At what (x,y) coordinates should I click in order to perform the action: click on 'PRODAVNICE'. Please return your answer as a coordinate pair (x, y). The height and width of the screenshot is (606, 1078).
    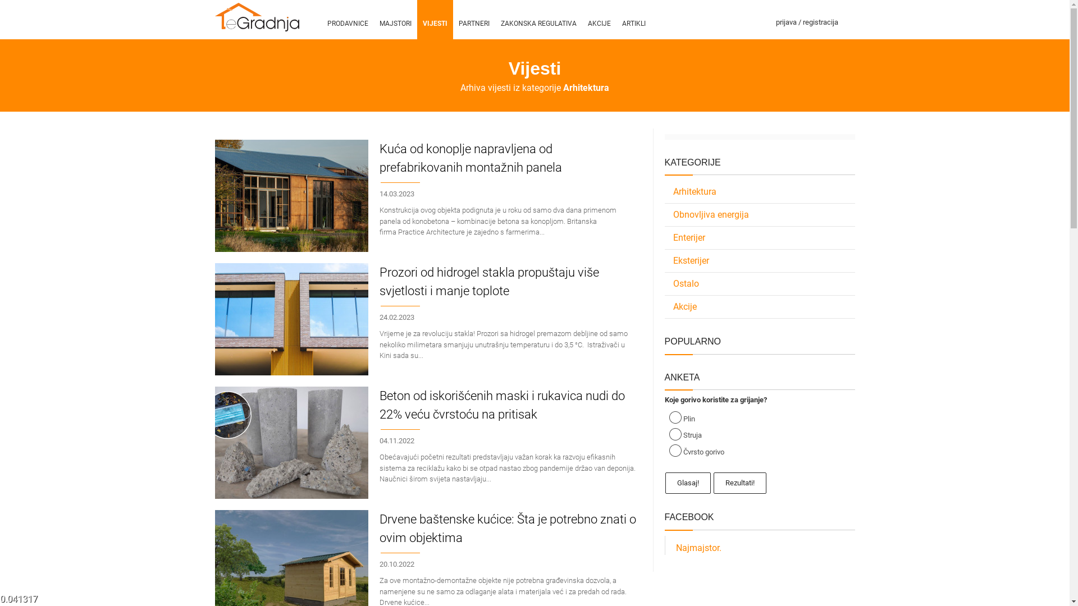
    Looking at the image, I should click on (346, 19).